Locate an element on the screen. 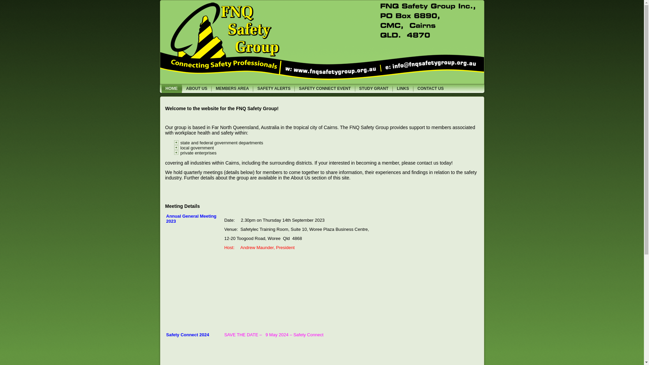 Image resolution: width=649 pixels, height=365 pixels. 'CONTACT US' is located at coordinates (430, 88).